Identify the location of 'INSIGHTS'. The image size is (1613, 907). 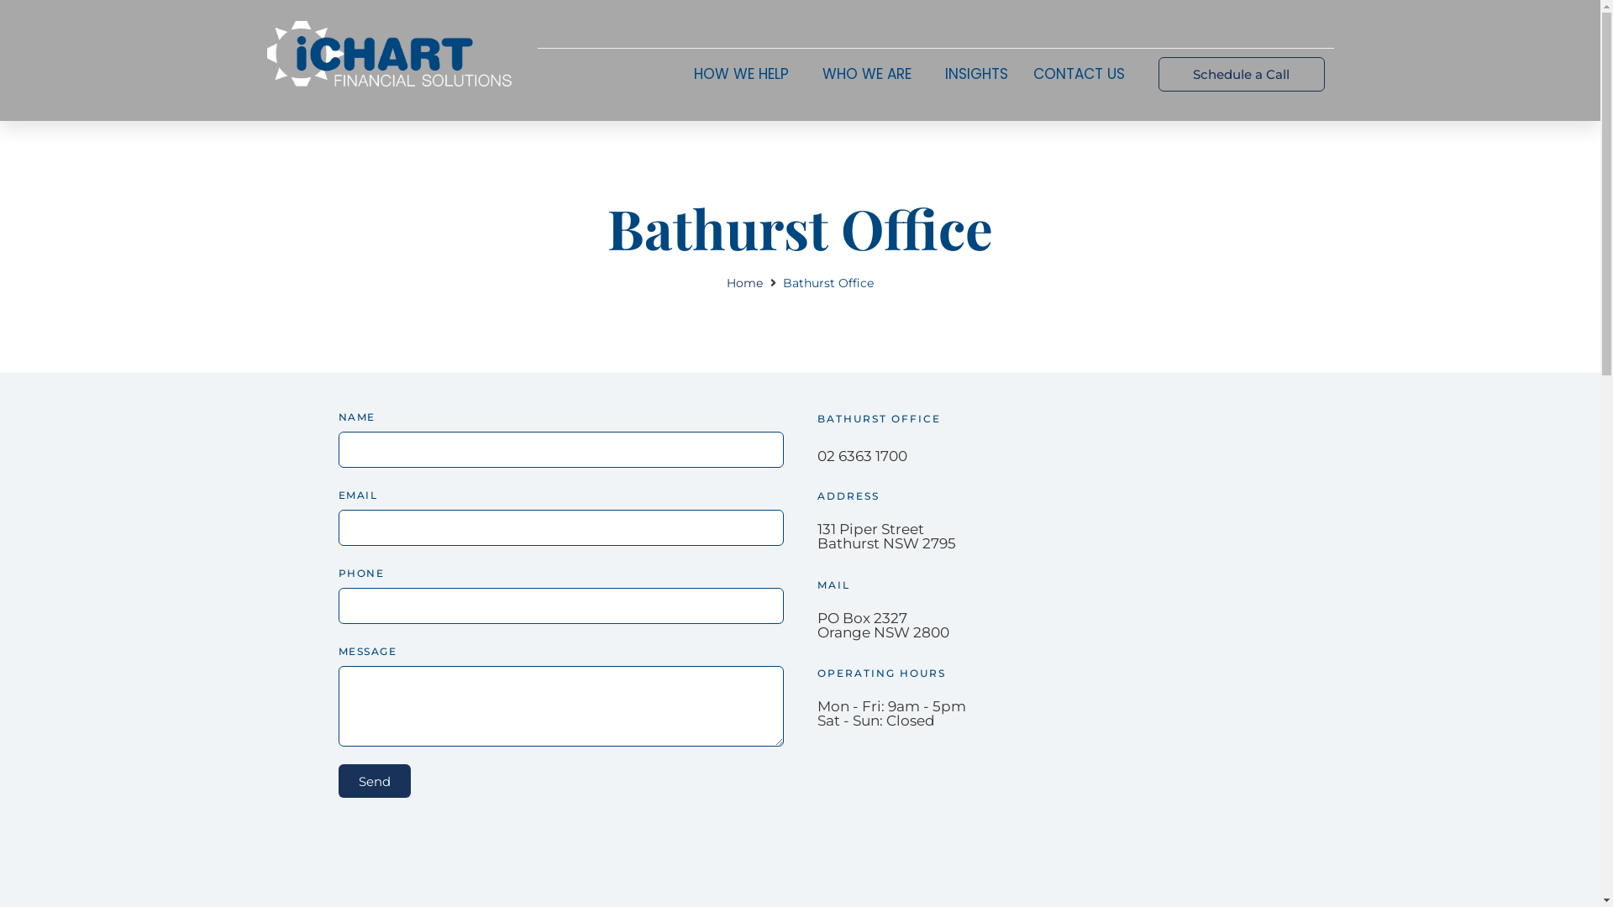
(976, 73).